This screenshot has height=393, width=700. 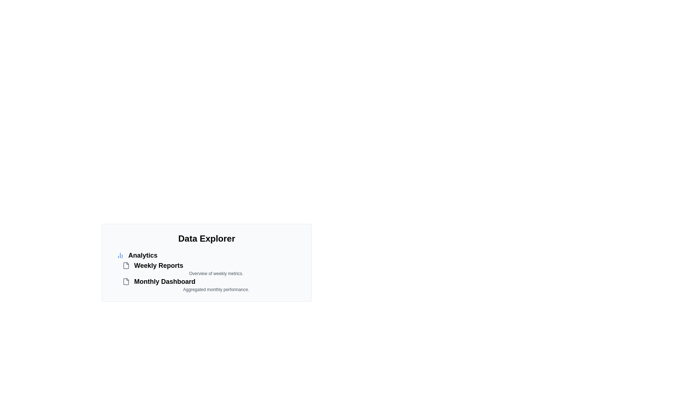 What do you see at coordinates (212, 281) in the screenshot?
I see `the 'Monthly Dashboard' section located under the 'Data Explorer' section, positioned as the second item in the list` at bounding box center [212, 281].